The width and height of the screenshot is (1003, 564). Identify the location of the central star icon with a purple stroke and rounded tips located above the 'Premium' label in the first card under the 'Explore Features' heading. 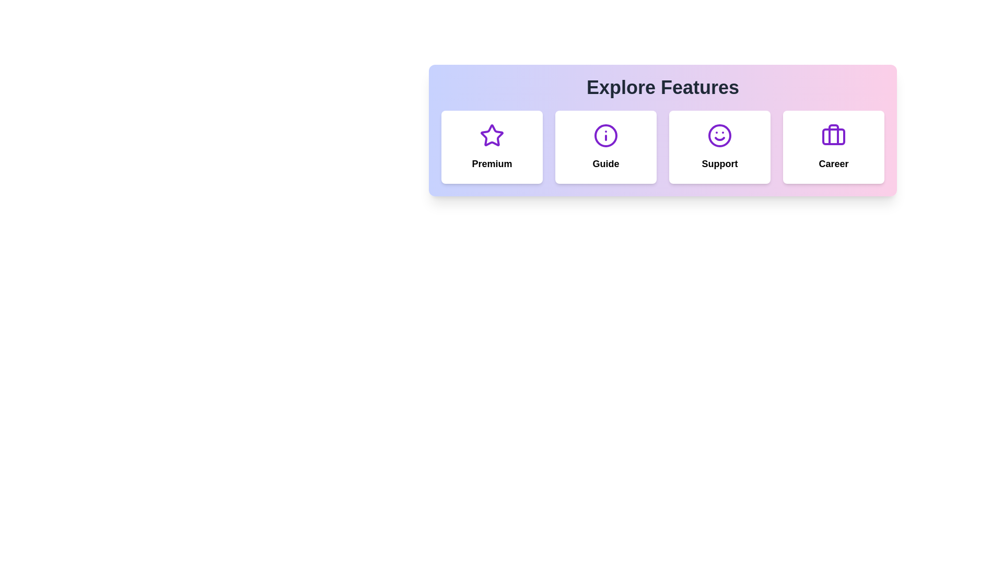
(491, 135).